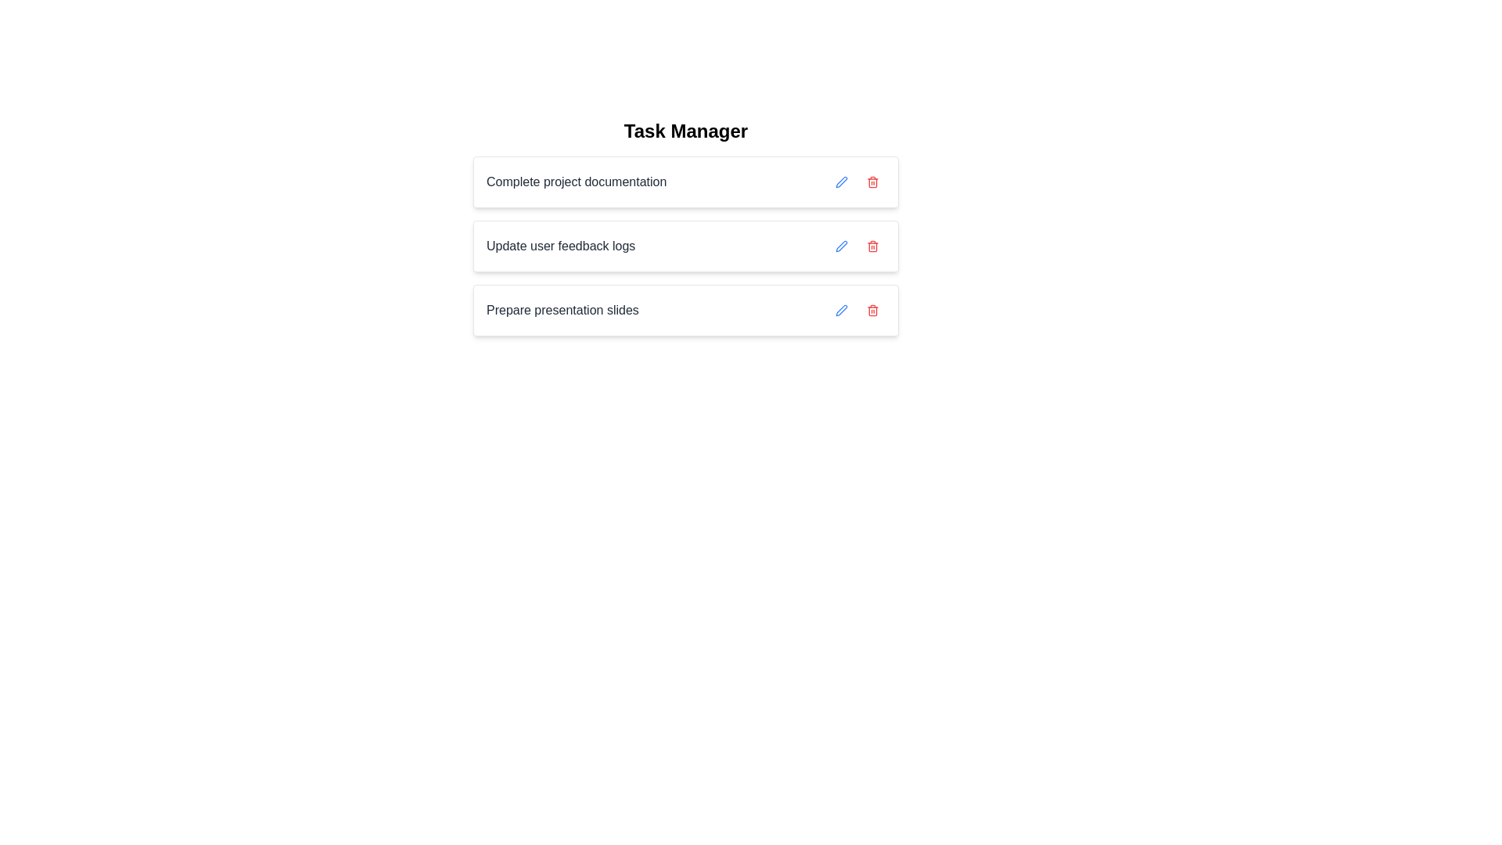 The width and height of the screenshot is (1502, 845). I want to click on text label displaying 'Prepare presentation slides' to understand the task description, so click(562, 311).